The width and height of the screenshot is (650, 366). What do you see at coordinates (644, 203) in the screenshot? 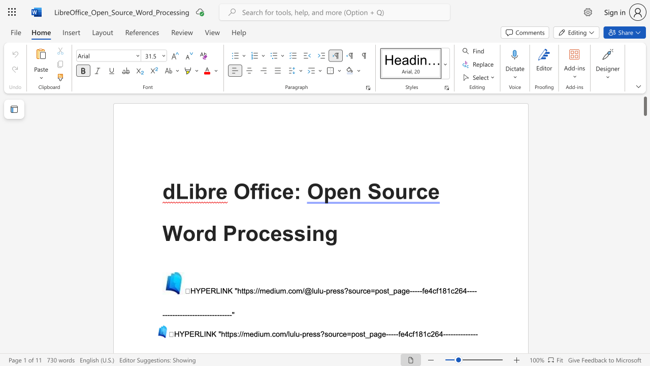
I see `the scrollbar on the right to shift the page lower` at bounding box center [644, 203].